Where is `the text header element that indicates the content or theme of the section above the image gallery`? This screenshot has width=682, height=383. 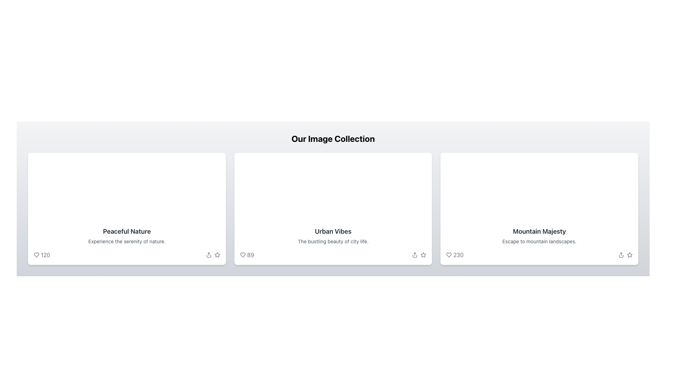
the text header element that indicates the content or theme of the section above the image gallery is located at coordinates (332, 138).